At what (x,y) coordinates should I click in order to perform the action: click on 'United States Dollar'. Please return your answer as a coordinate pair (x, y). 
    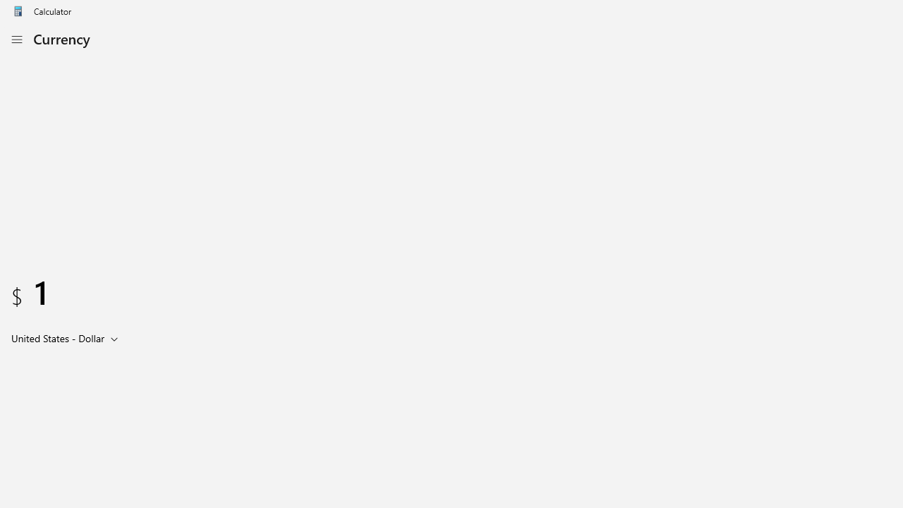
    Looking at the image, I should click on (56, 338).